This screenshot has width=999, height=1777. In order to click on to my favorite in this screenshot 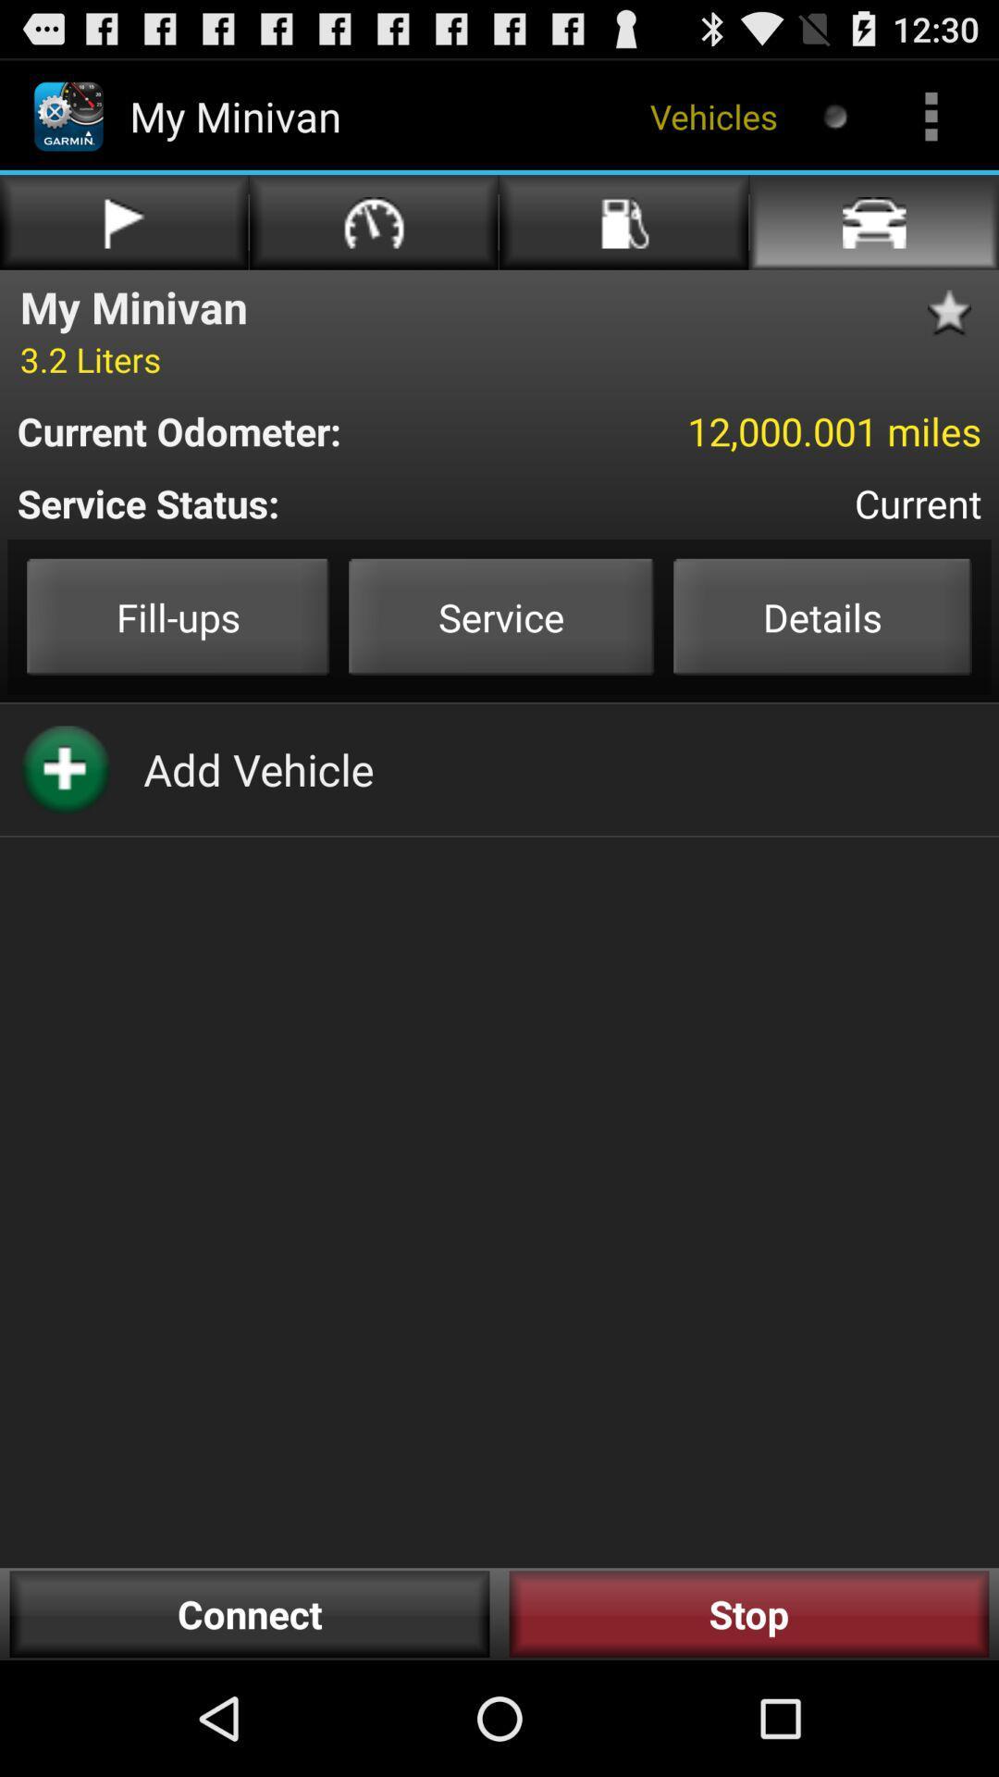, I will do `click(956, 313)`.